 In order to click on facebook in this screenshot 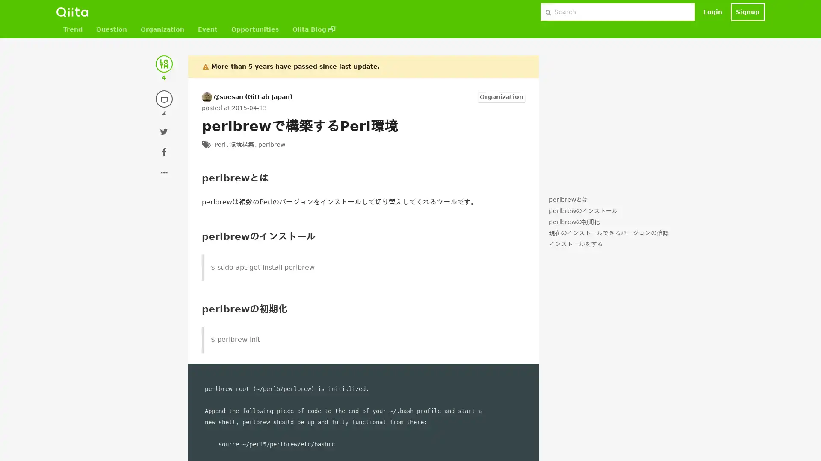, I will do `click(164, 151)`.